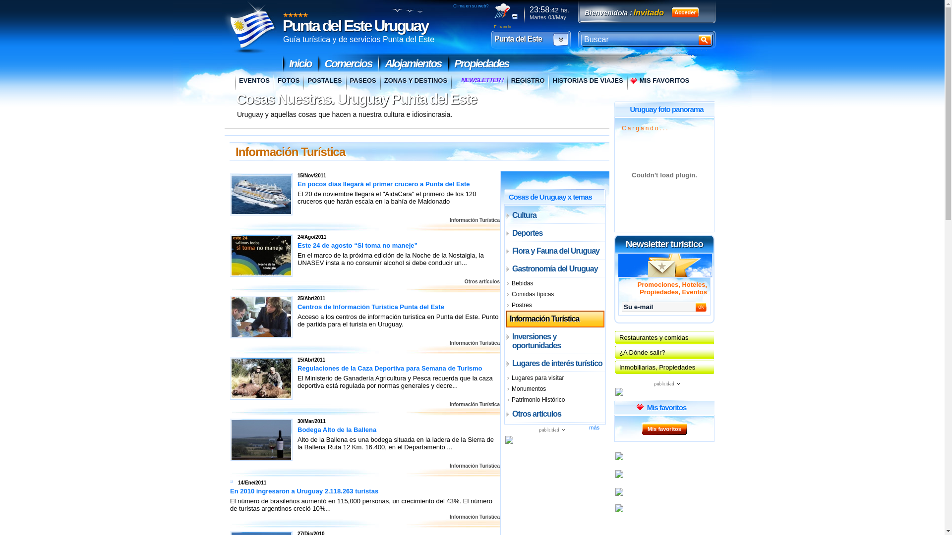 The image size is (952, 535). I want to click on 'Alojamientos', so click(413, 63).